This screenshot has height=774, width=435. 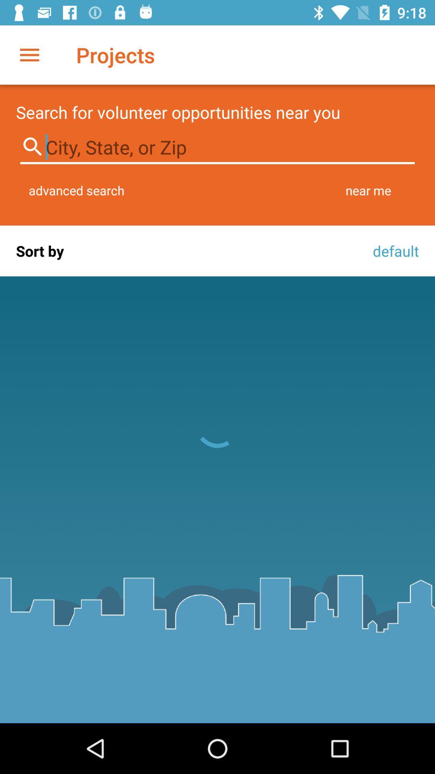 What do you see at coordinates (393, 250) in the screenshot?
I see `item below the near me item` at bounding box center [393, 250].